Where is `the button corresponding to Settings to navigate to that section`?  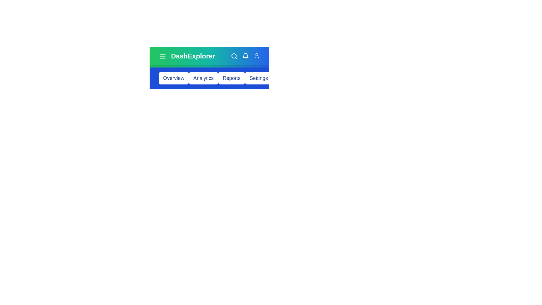 the button corresponding to Settings to navigate to that section is located at coordinates (258, 78).